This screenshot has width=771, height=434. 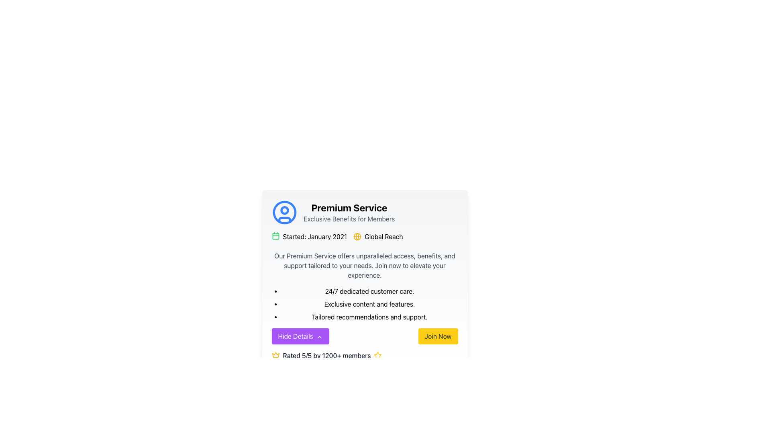 What do you see at coordinates (369, 291) in the screenshot?
I see `the first item in the bullet-point list that conveys information about a service feature, located in the central panel of the interface` at bounding box center [369, 291].